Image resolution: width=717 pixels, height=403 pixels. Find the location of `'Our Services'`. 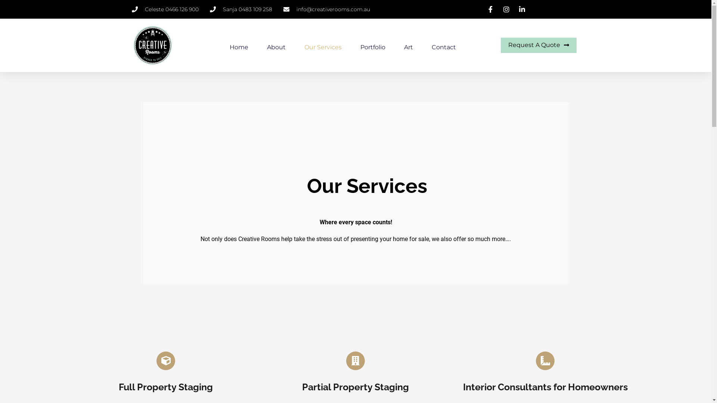

'Our Services' is located at coordinates (323, 47).